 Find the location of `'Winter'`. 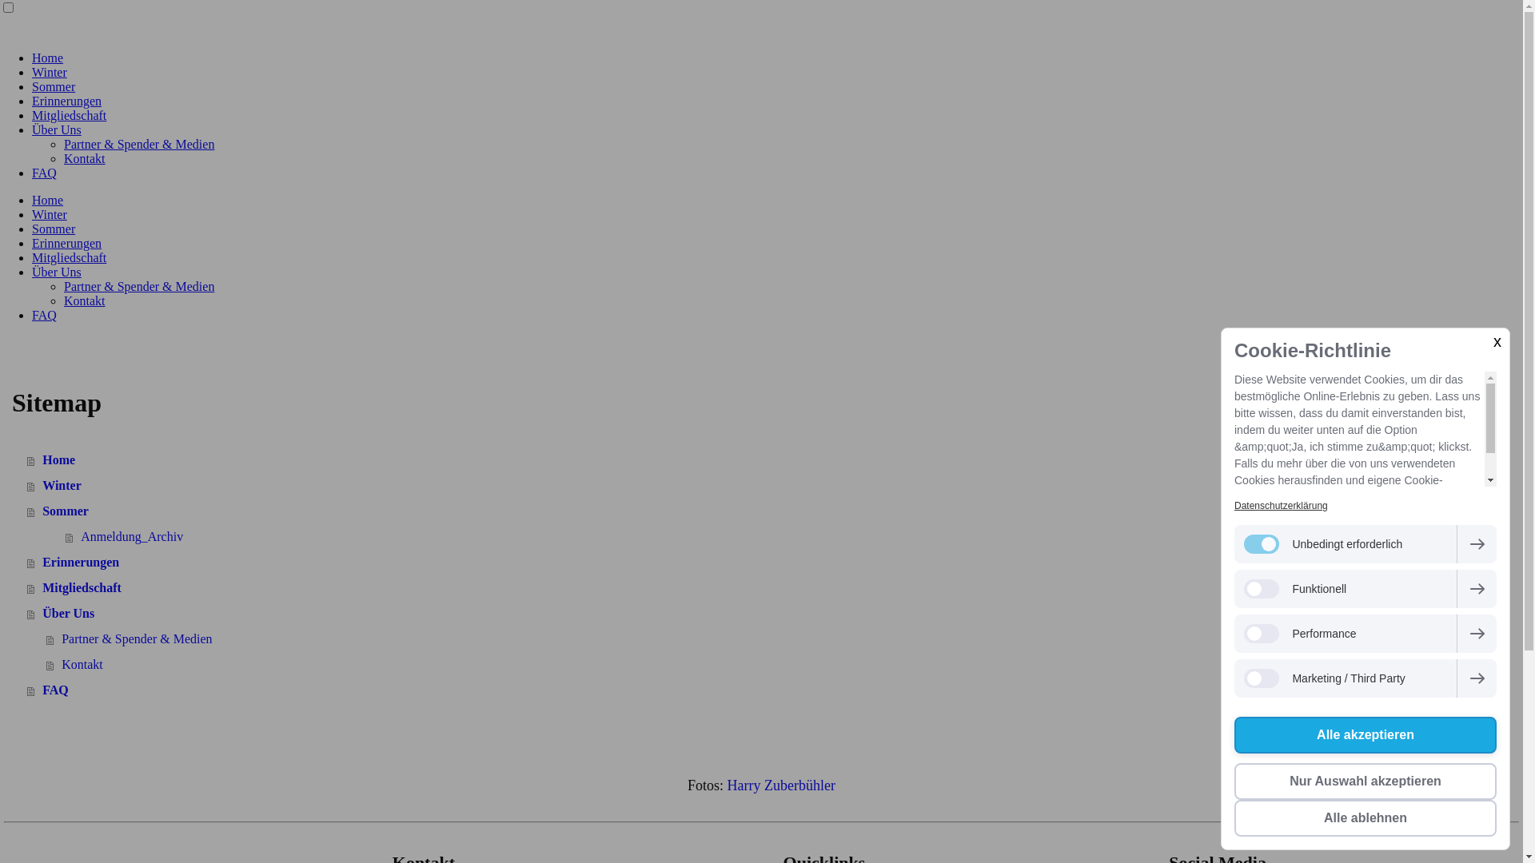

'Winter' is located at coordinates (31, 72).